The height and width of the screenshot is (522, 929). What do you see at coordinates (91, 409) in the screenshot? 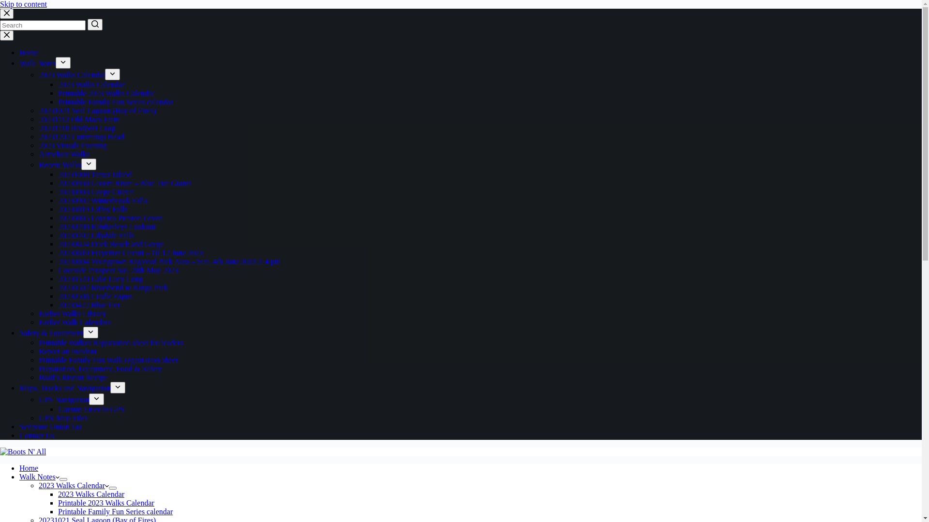
I see `'Garmin Etrex10 GPS'` at bounding box center [91, 409].